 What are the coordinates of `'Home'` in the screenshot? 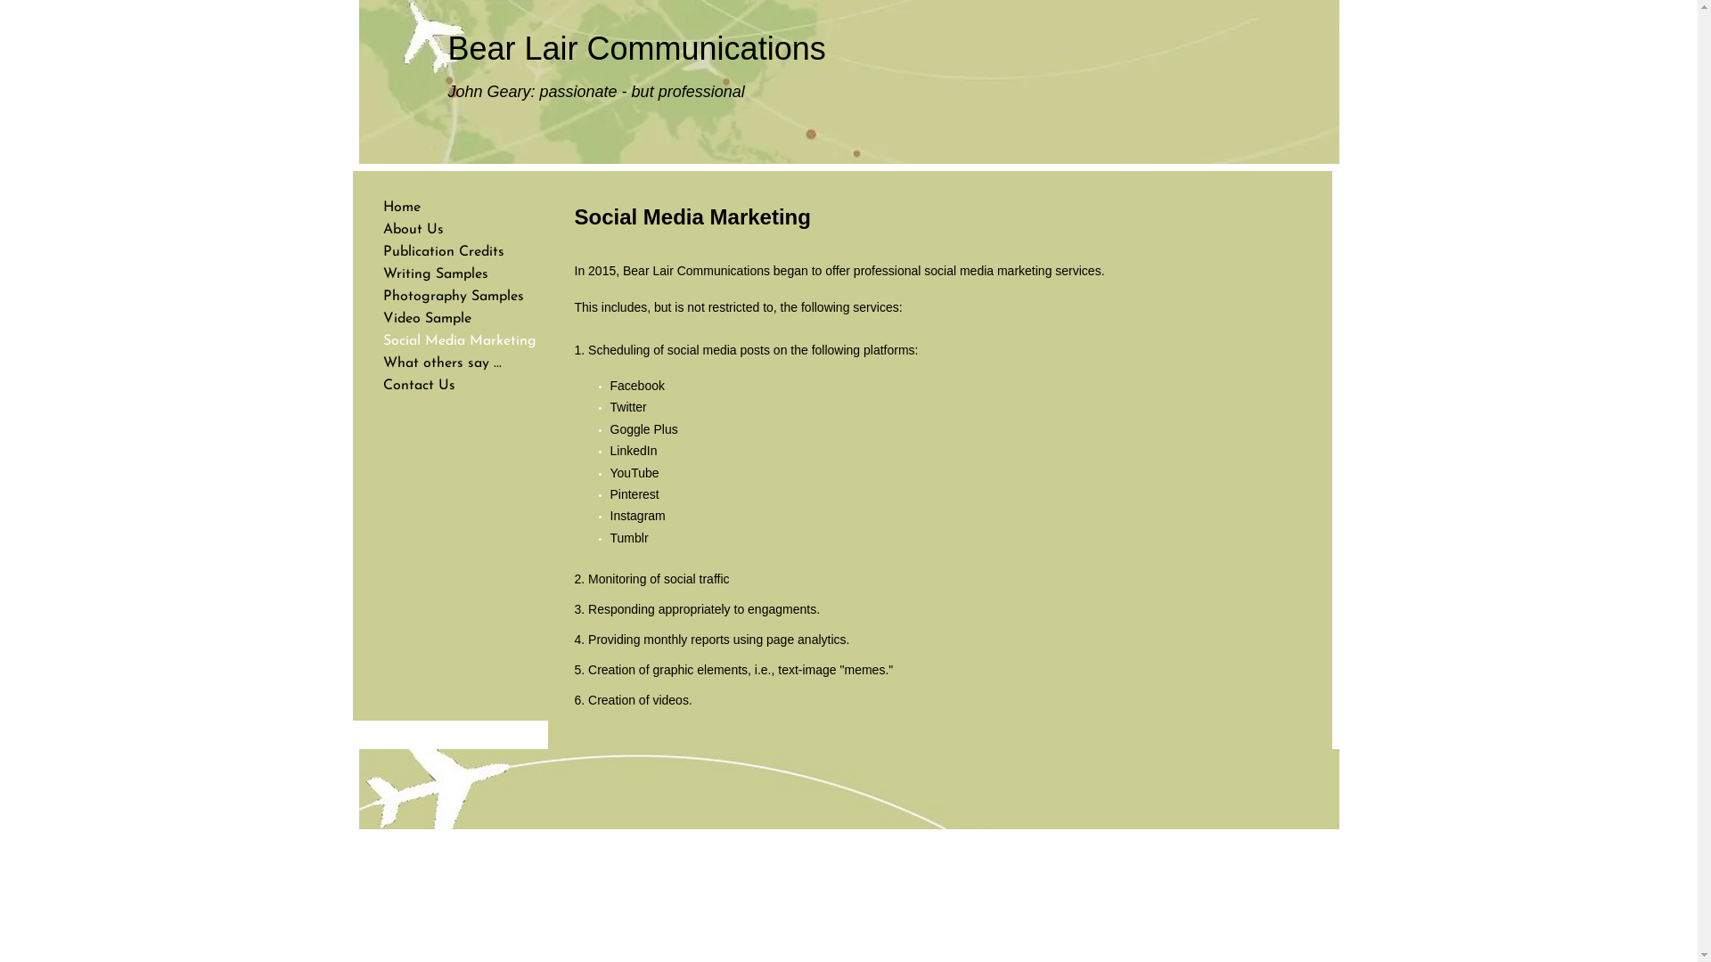 It's located at (373, 206).